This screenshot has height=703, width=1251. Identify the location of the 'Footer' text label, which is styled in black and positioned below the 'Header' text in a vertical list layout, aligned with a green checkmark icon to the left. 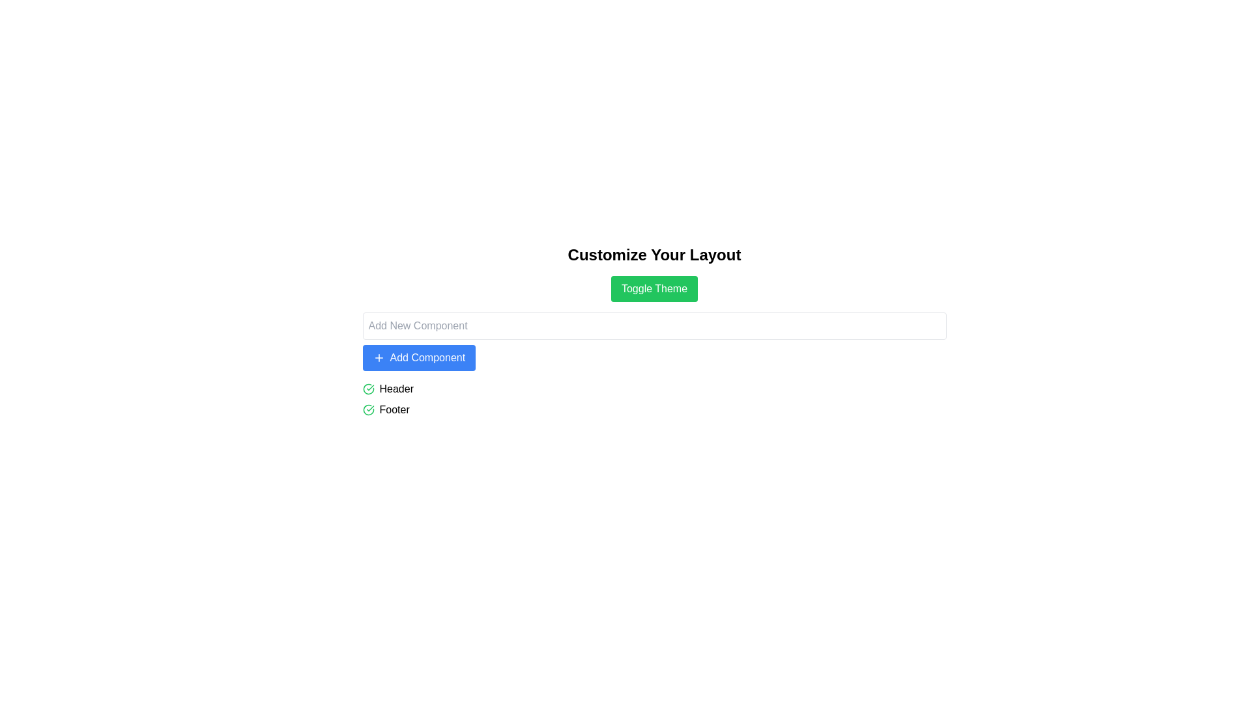
(394, 409).